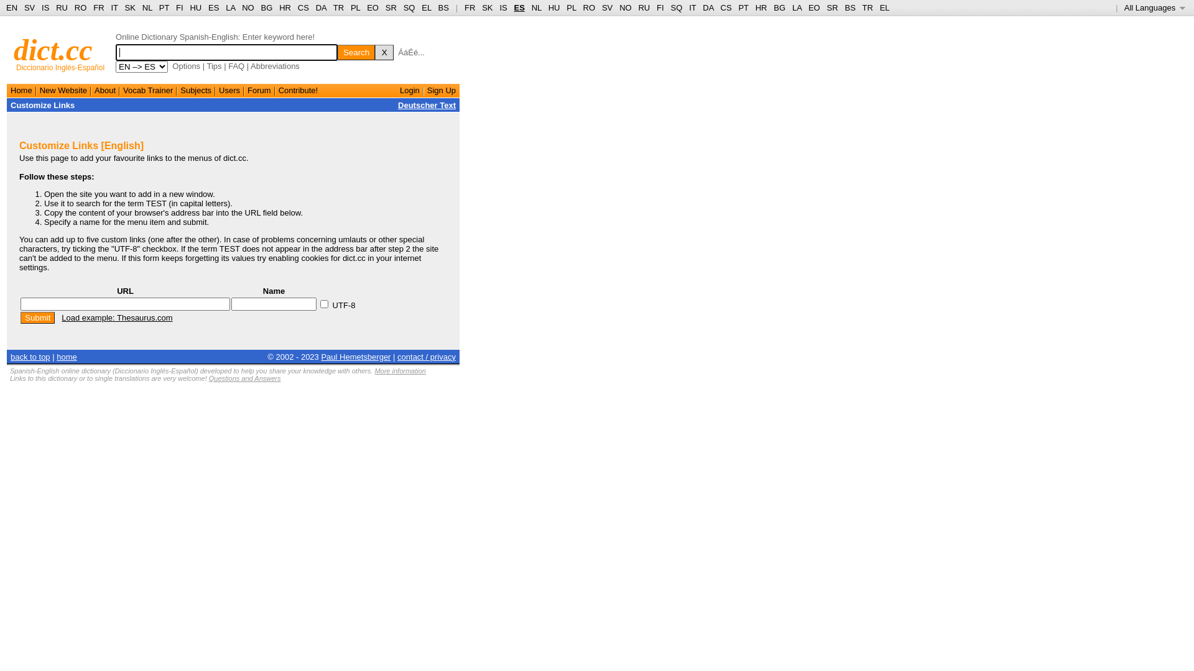 This screenshot has width=1194, height=671. Describe the element at coordinates (14, 49) in the screenshot. I see `'dict.cc'` at that location.